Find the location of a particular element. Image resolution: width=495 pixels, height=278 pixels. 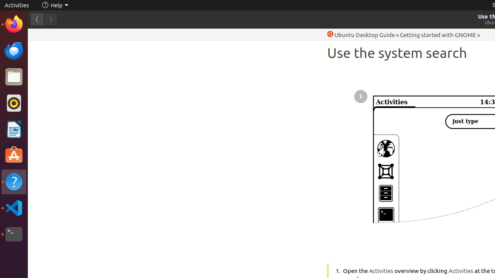

'Firefox Web Browser' is located at coordinates (14, 24).